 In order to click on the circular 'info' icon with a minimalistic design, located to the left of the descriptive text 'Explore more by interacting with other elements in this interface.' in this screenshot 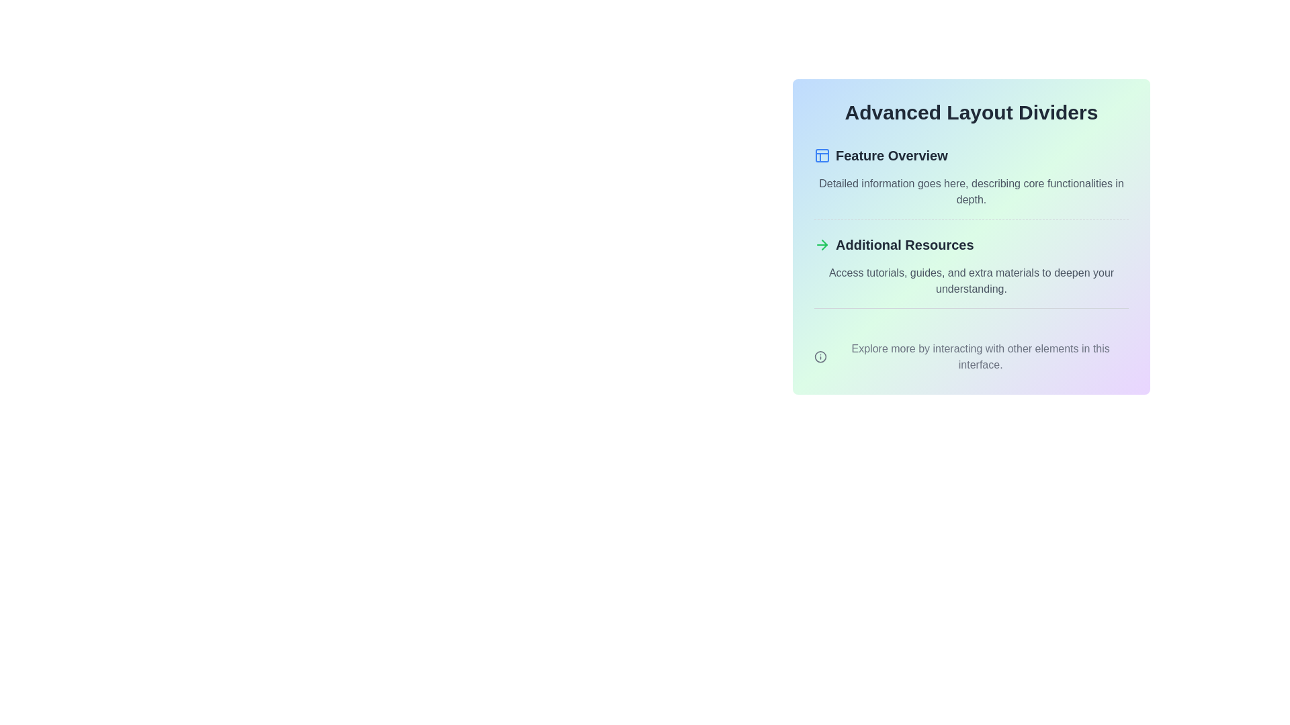, I will do `click(820, 356)`.